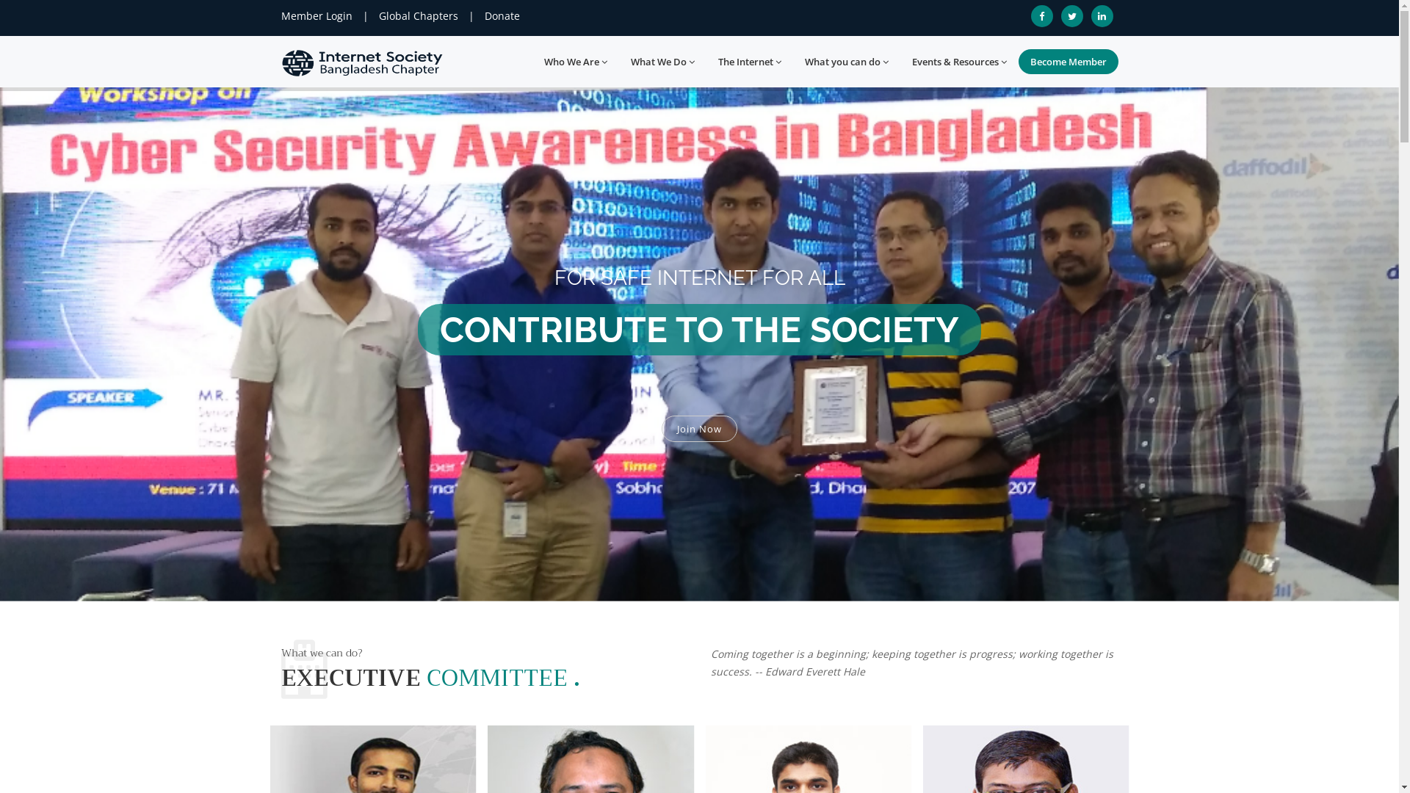 The width and height of the screenshot is (1410, 793). What do you see at coordinates (502, 15) in the screenshot?
I see `'Donate'` at bounding box center [502, 15].